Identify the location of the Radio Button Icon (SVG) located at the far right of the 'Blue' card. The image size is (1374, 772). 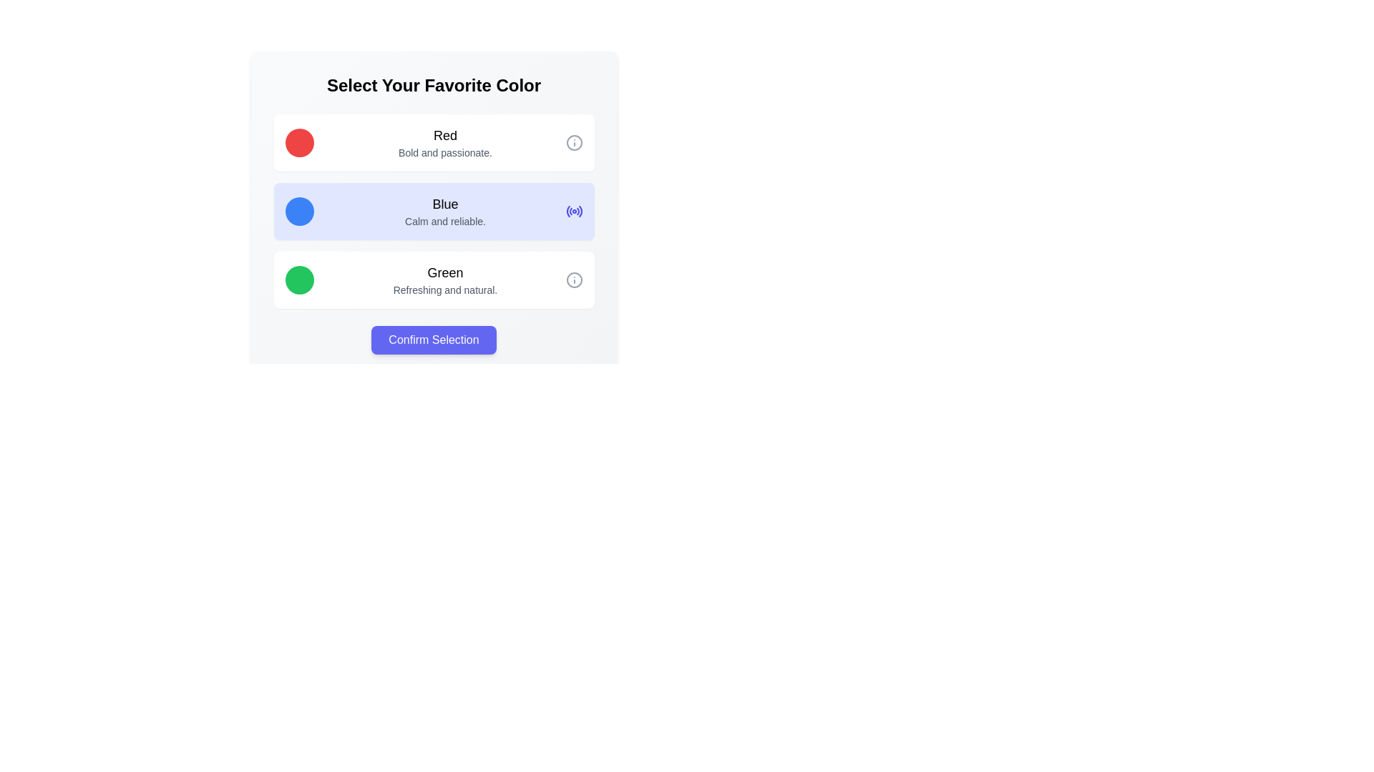
(574, 212).